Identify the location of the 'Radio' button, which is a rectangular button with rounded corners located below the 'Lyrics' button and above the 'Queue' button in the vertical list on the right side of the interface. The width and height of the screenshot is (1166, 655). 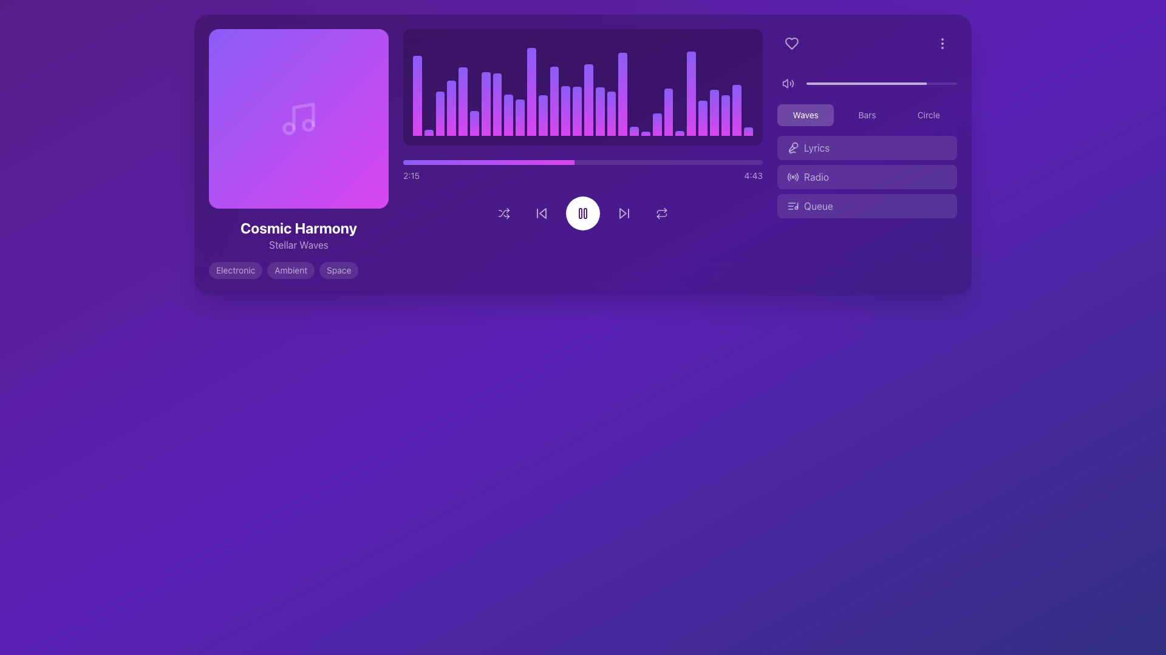
(867, 177).